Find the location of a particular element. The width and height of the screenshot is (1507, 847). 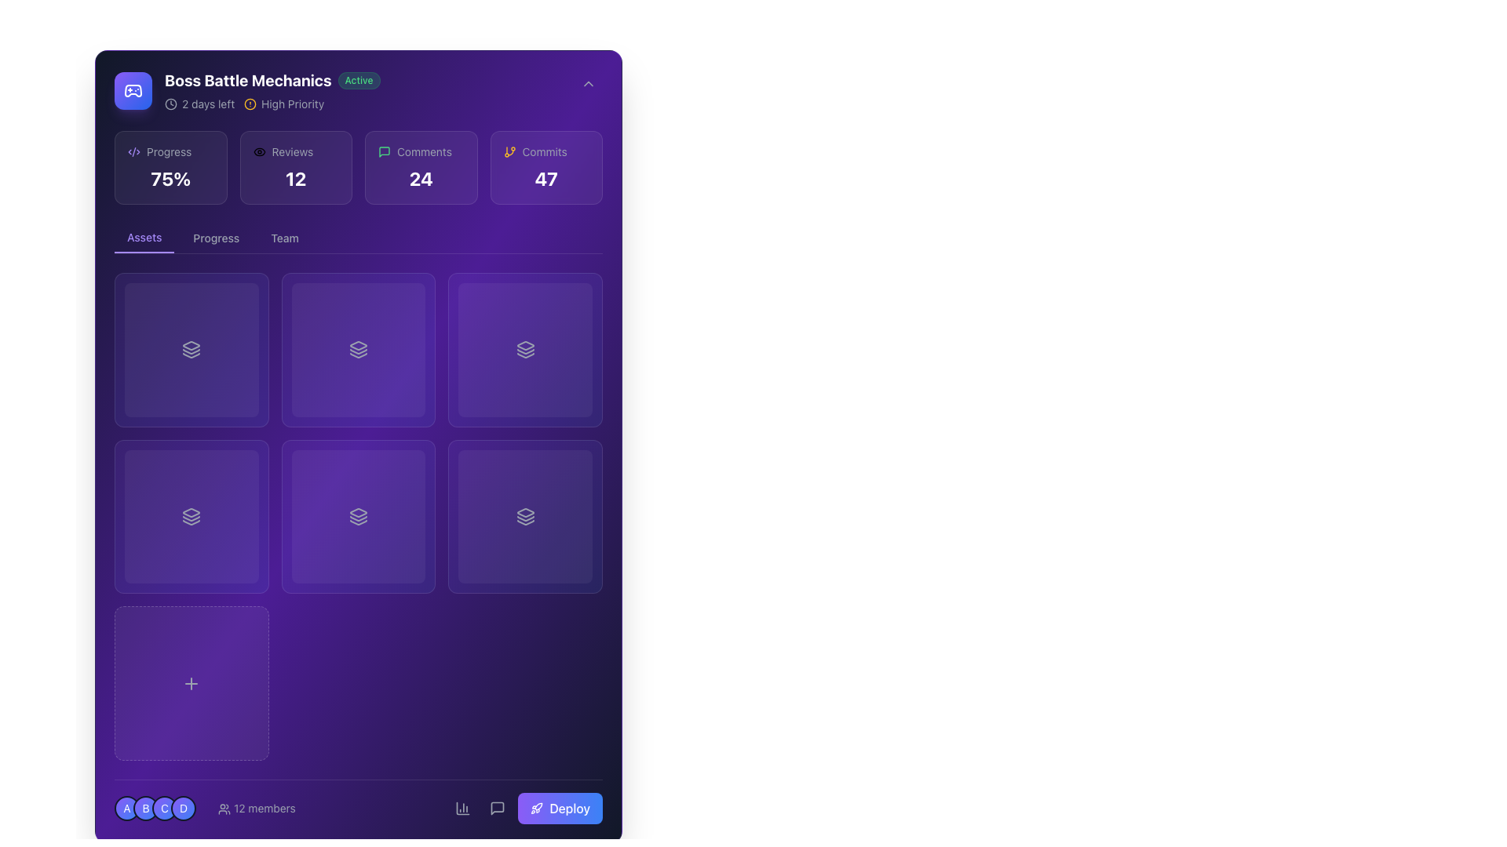

the layered or stacked item icon located in the second row, first column of the 3x3 grid layout is located at coordinates (191, 522).